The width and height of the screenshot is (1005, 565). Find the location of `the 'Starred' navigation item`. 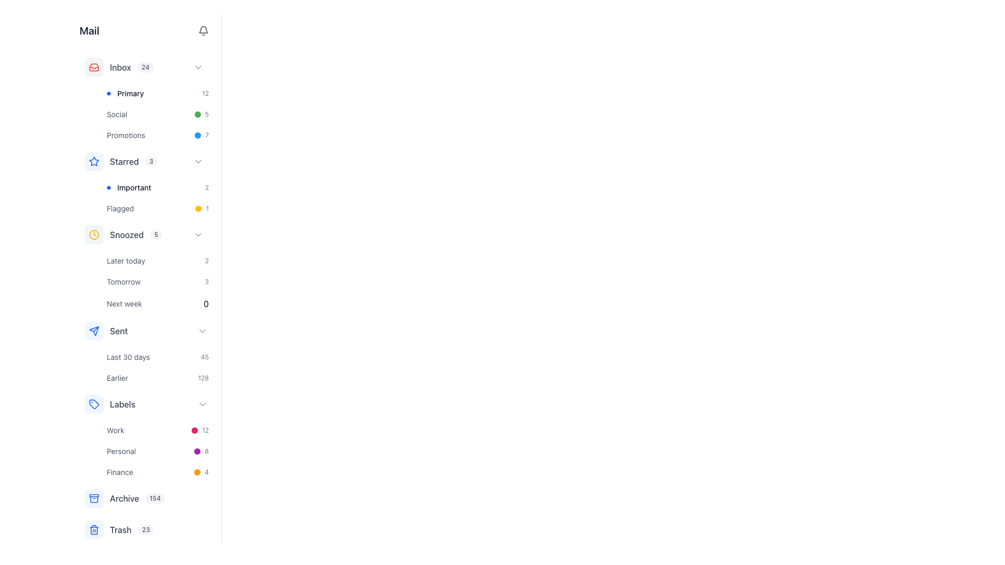

the 'Starred' navigation item is located at coordinates (121, 161).